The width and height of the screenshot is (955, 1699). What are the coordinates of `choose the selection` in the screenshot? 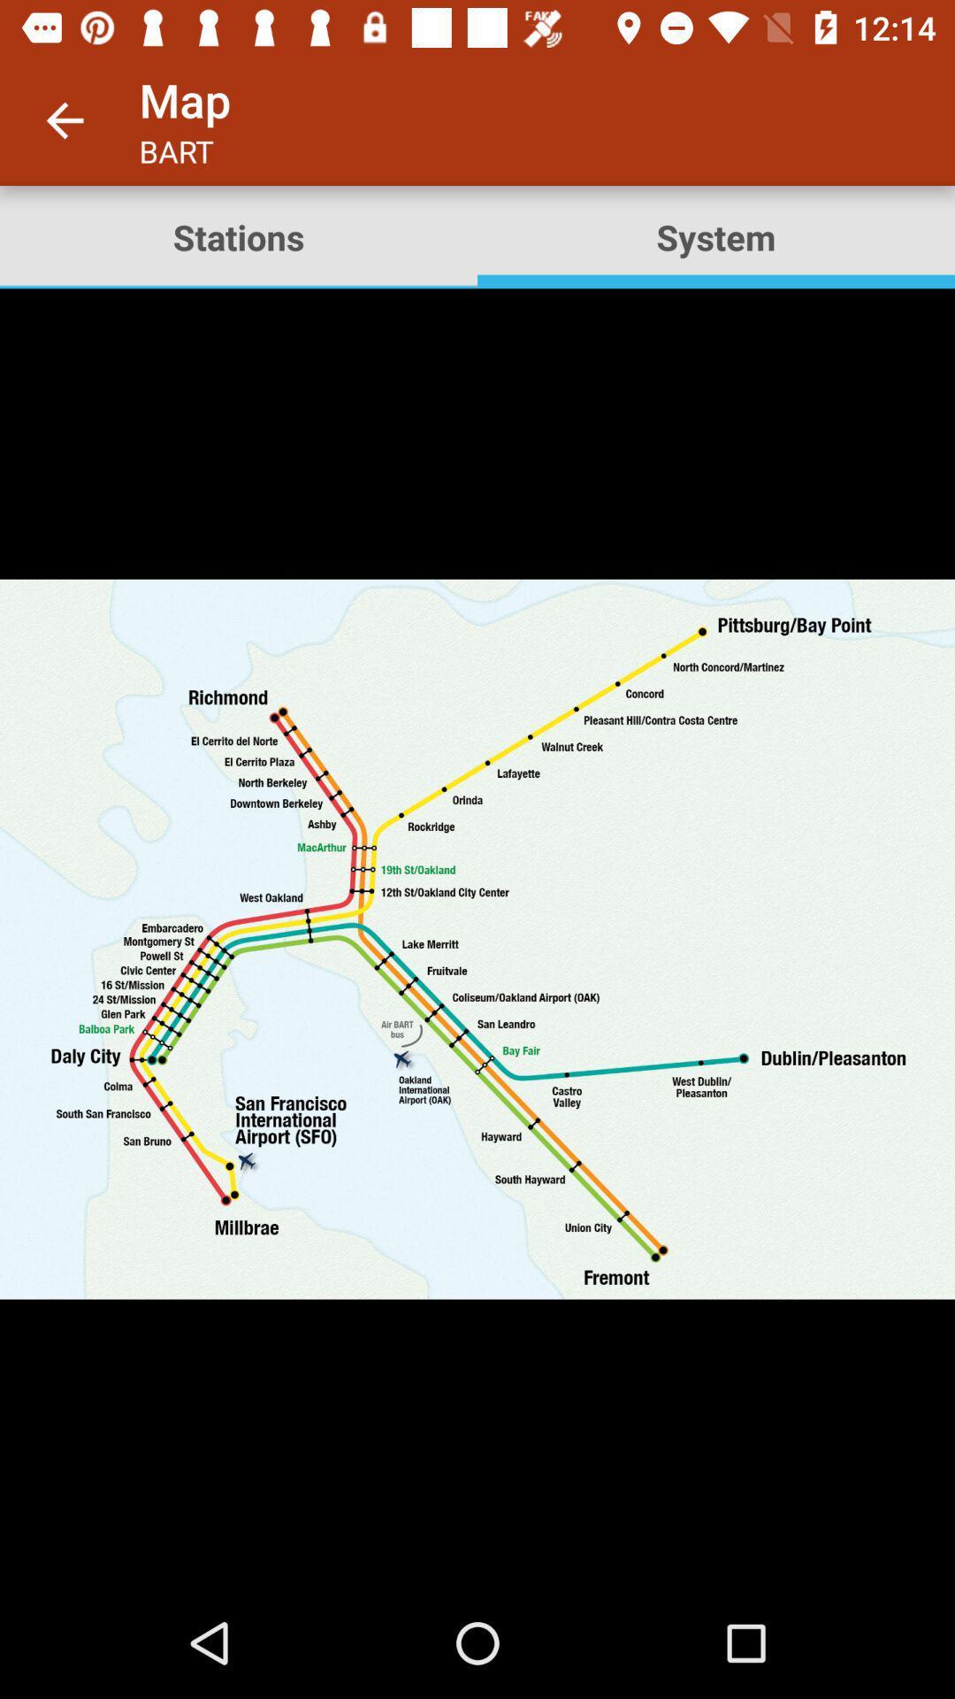 It's located at (477, 937).